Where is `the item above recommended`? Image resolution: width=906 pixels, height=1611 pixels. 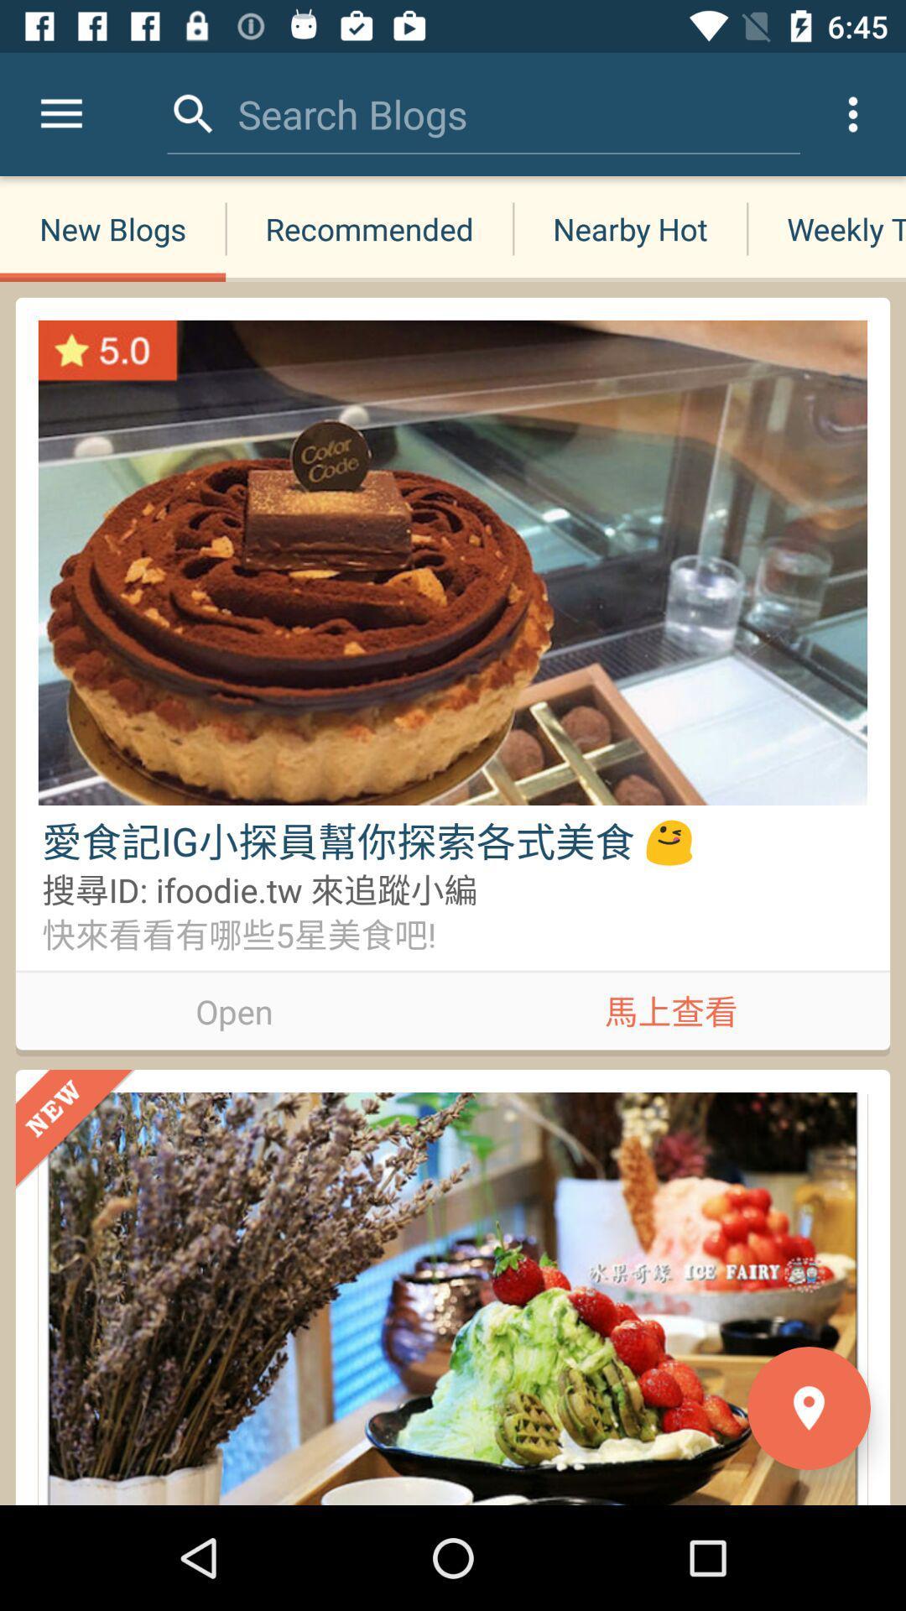 the item above recommended is located at coordinates (351, 113).